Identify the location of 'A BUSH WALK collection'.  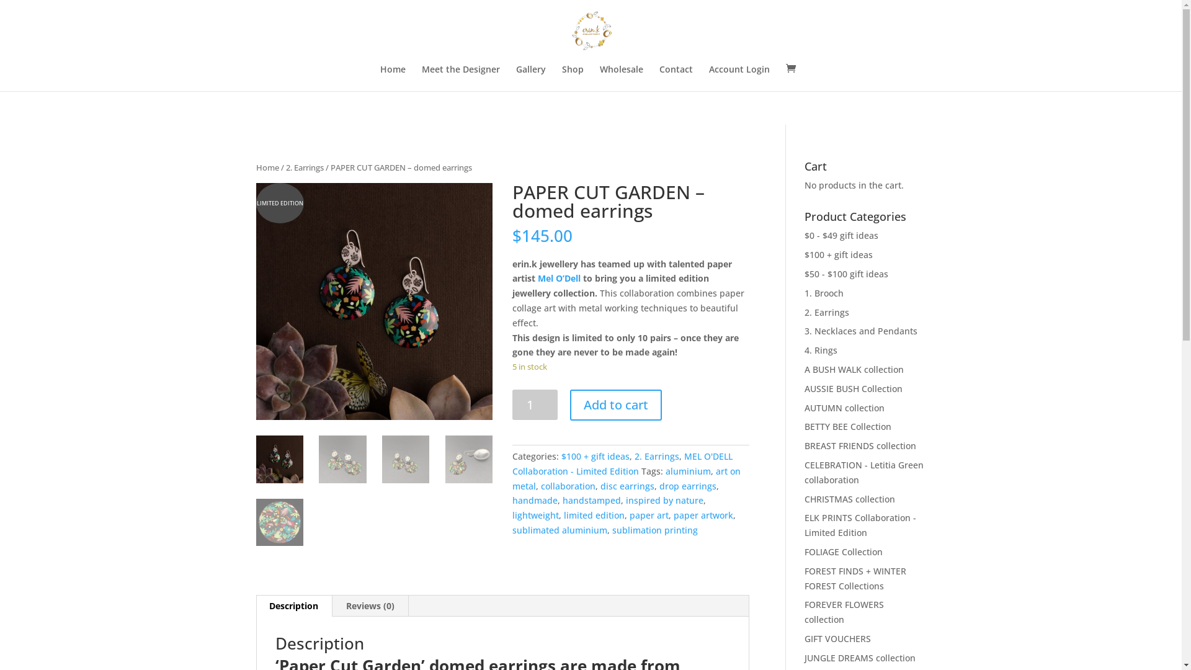
(854, 368).